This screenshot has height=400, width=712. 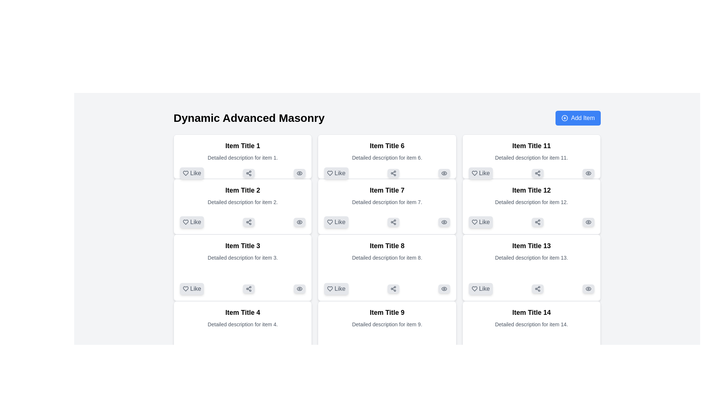 What do you see at coordinates (243, 157) in the screenshot?
I see `the text segment displaying 'Detailed description for item 1.' which is styled in a smaller gray font and located beneath 'Item Title 1' in the first card of the grid layout` at bounding box center [243, 157].